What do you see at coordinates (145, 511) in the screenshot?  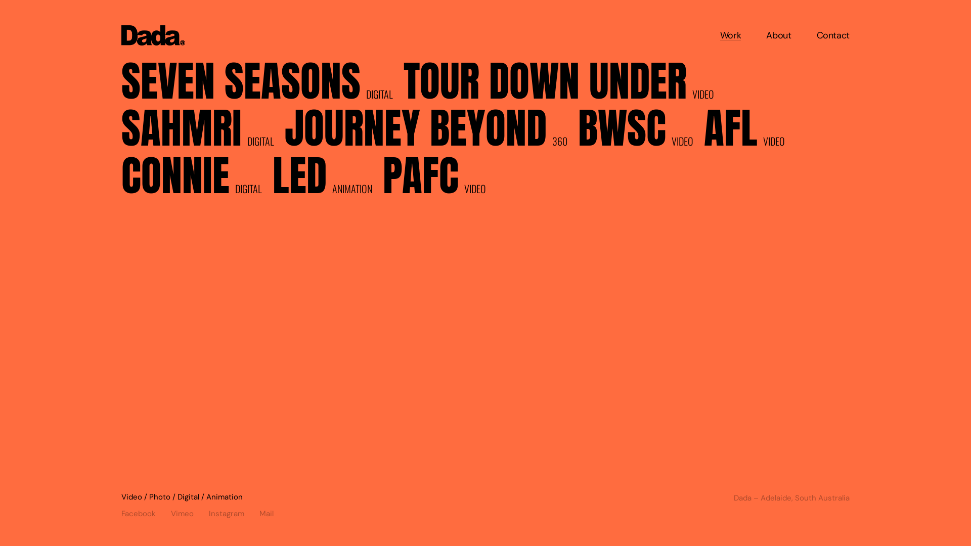 I see `'Facebook'` at bounding box center [145, 511].